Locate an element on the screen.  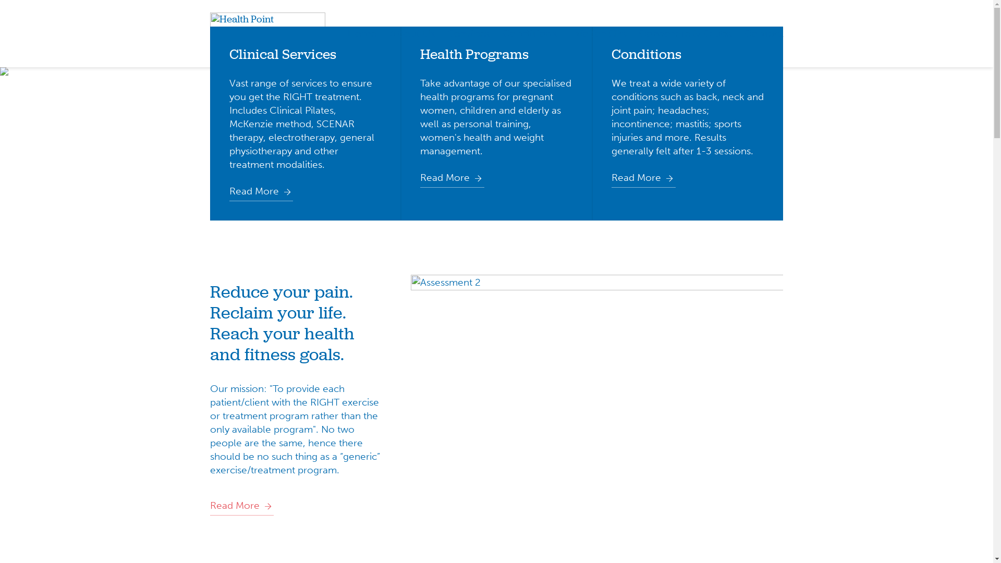
'Health Point Physiotherapy Brighton' is located at coordinates (267, 33).